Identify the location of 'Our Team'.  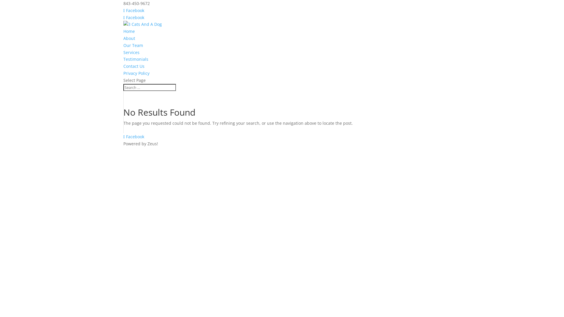
(123, 45).